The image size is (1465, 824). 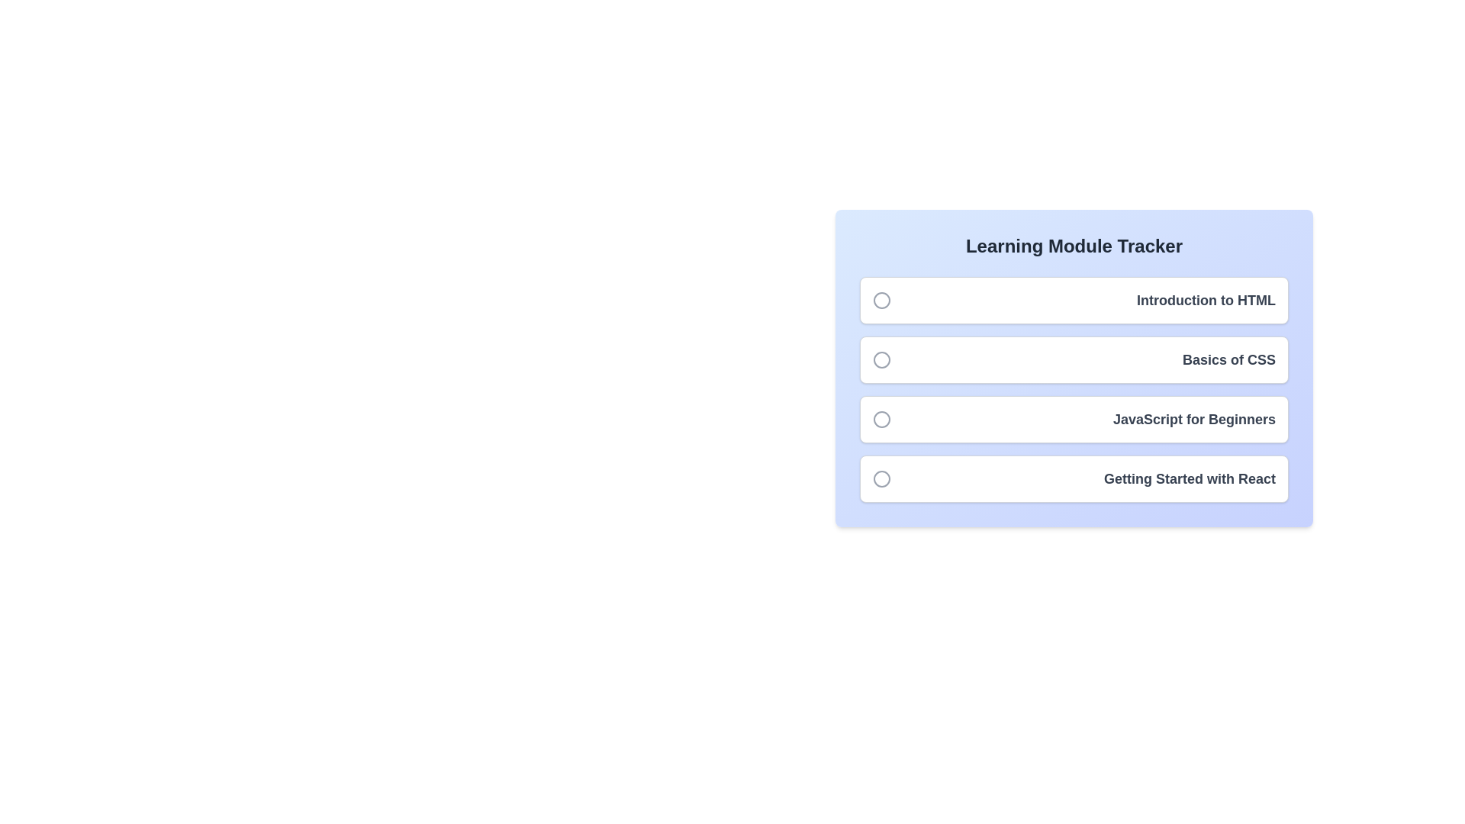 What do you see at coordinates (1073, 368) in the screenshot?
I see `the second button in the 'Learning Module Tracker' panel` at bounding box center [1073, 368].